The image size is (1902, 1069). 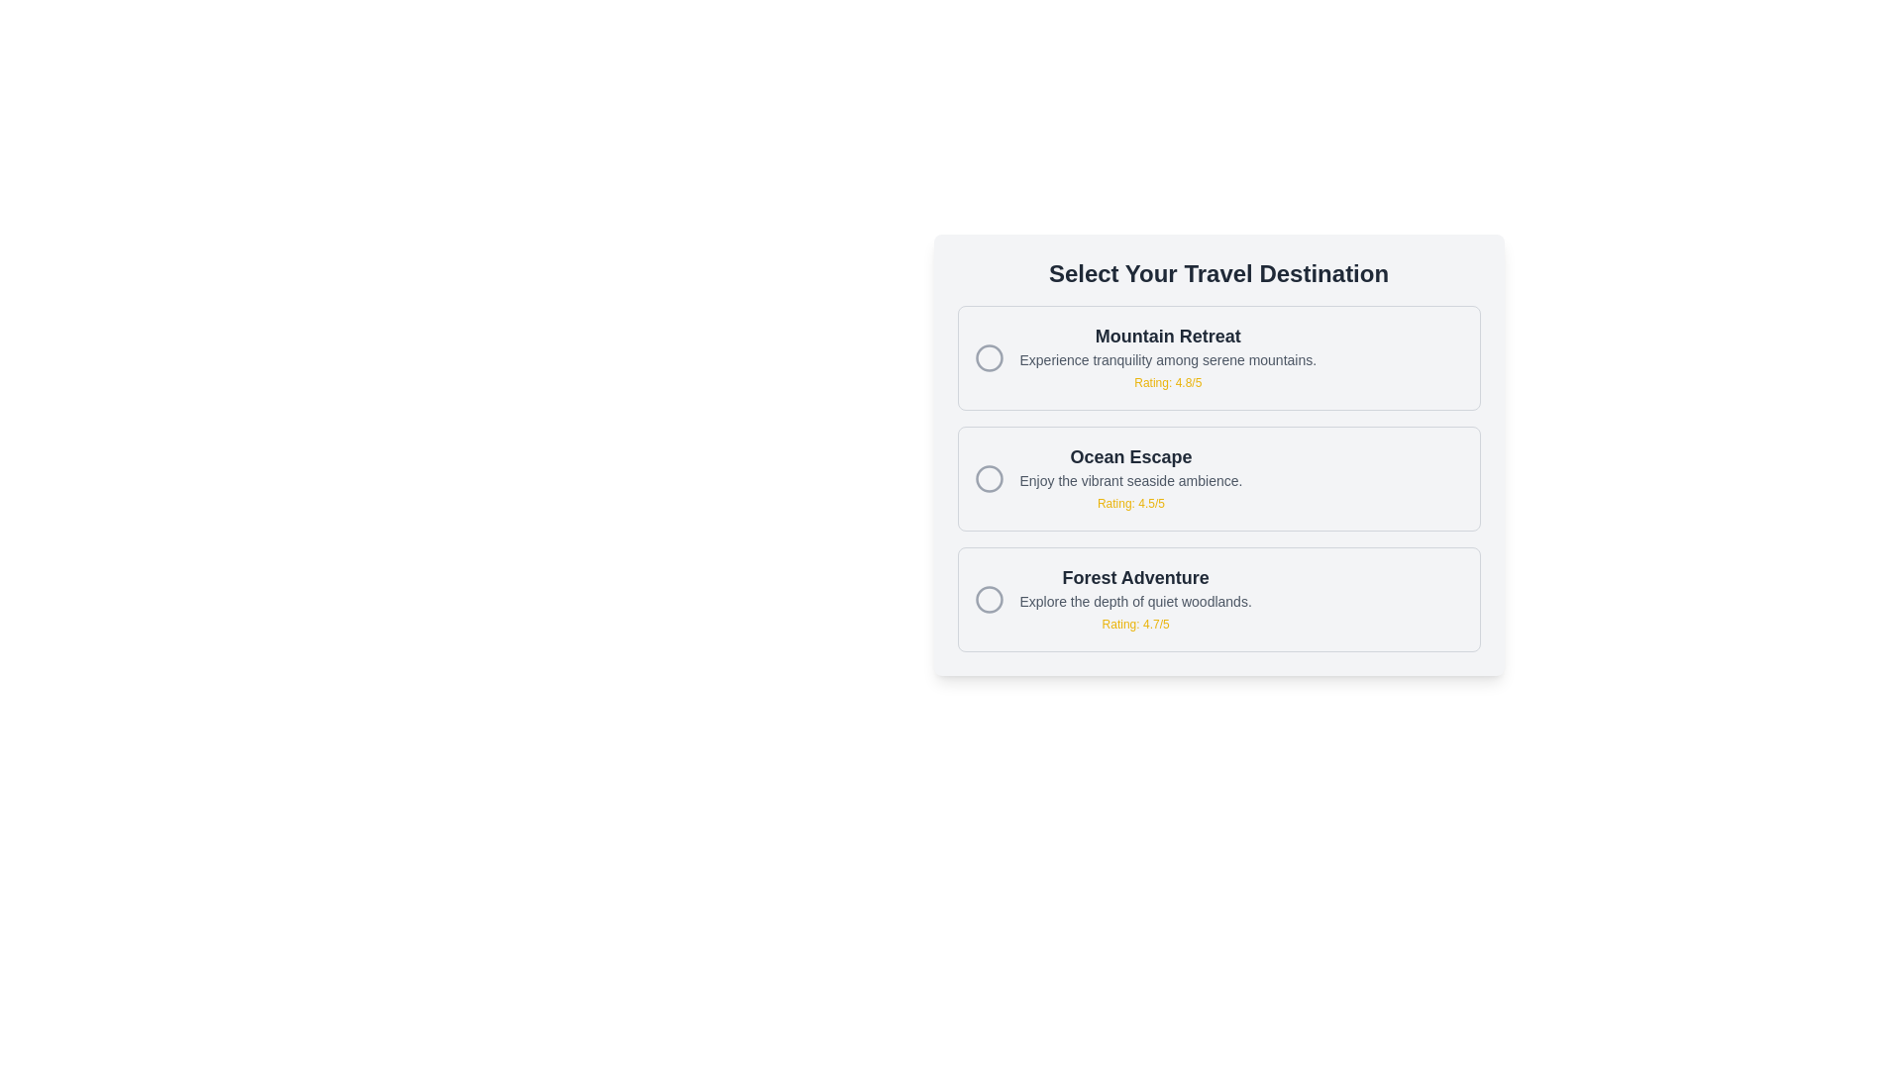 What do you see at coordinates (989, 598) in the screenshot?
I see `the circular radio button located to the left of the 'Forest Adventure' text` at bounding box center [989, 598].